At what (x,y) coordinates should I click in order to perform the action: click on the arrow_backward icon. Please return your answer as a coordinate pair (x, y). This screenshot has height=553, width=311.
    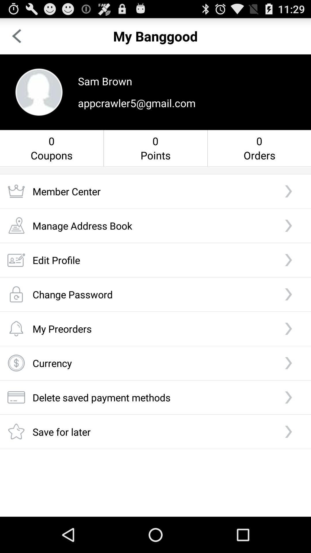
    Looking at the image, I should click on (16, 38).